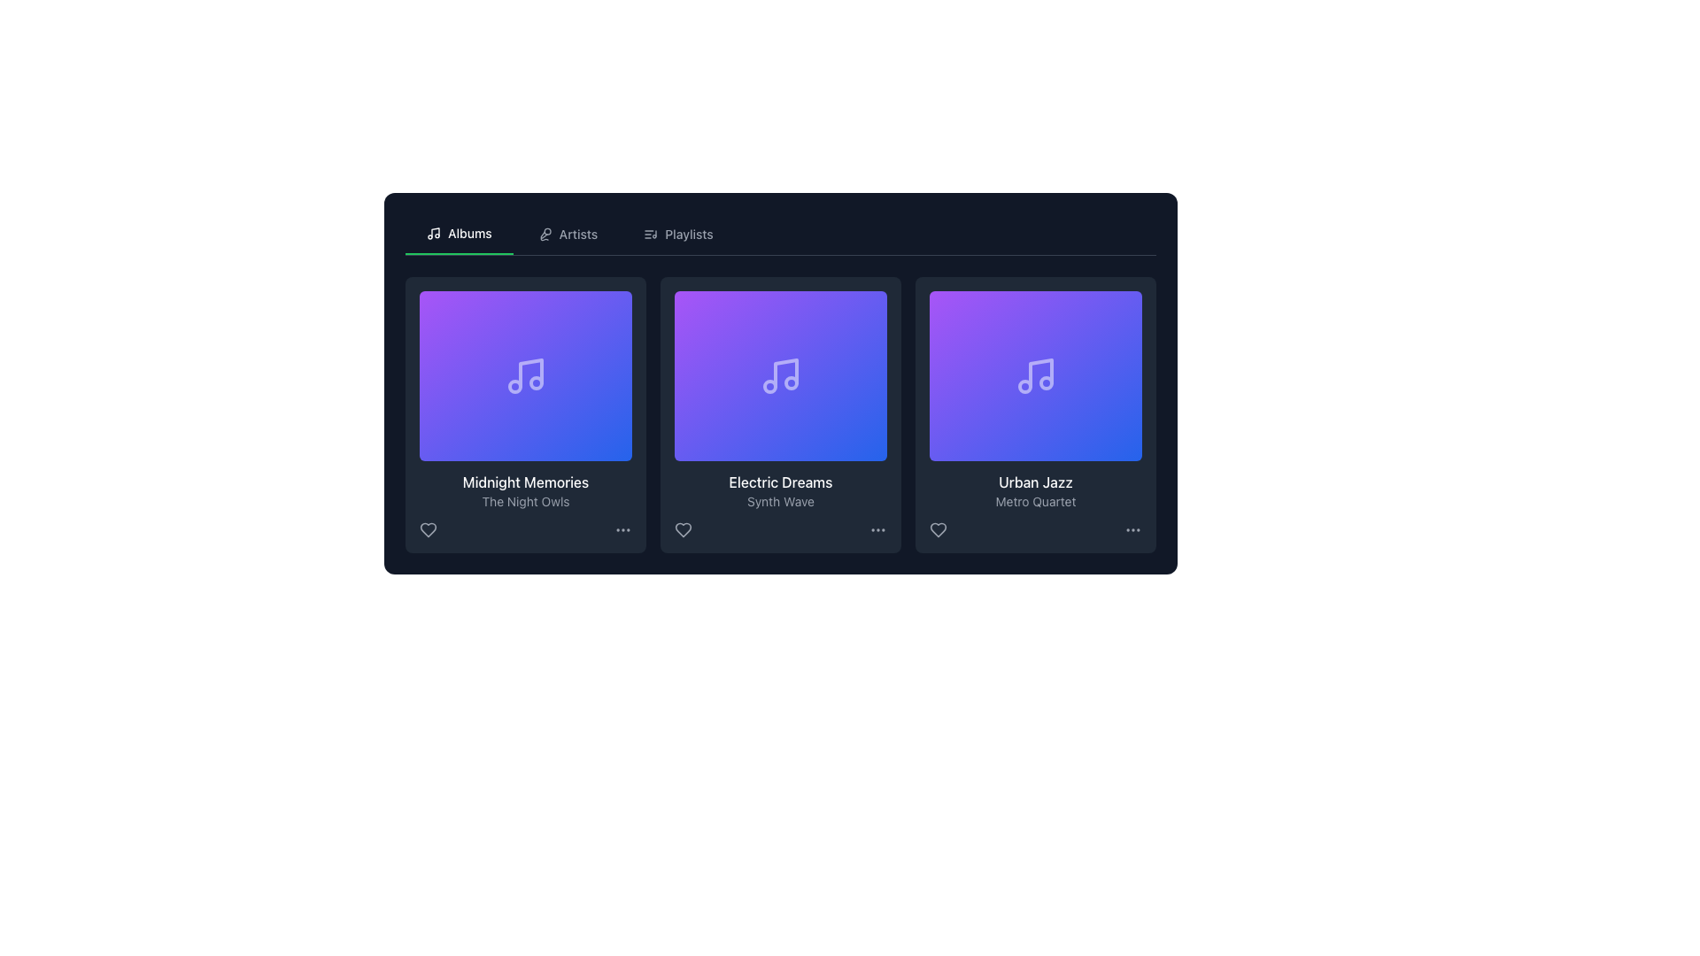  Describe the element at coordinates (677, 234) in the screenshot. I see `the 'Playlists' navigation menu item, which is the third item in the horizontal navigation bar` at that location.